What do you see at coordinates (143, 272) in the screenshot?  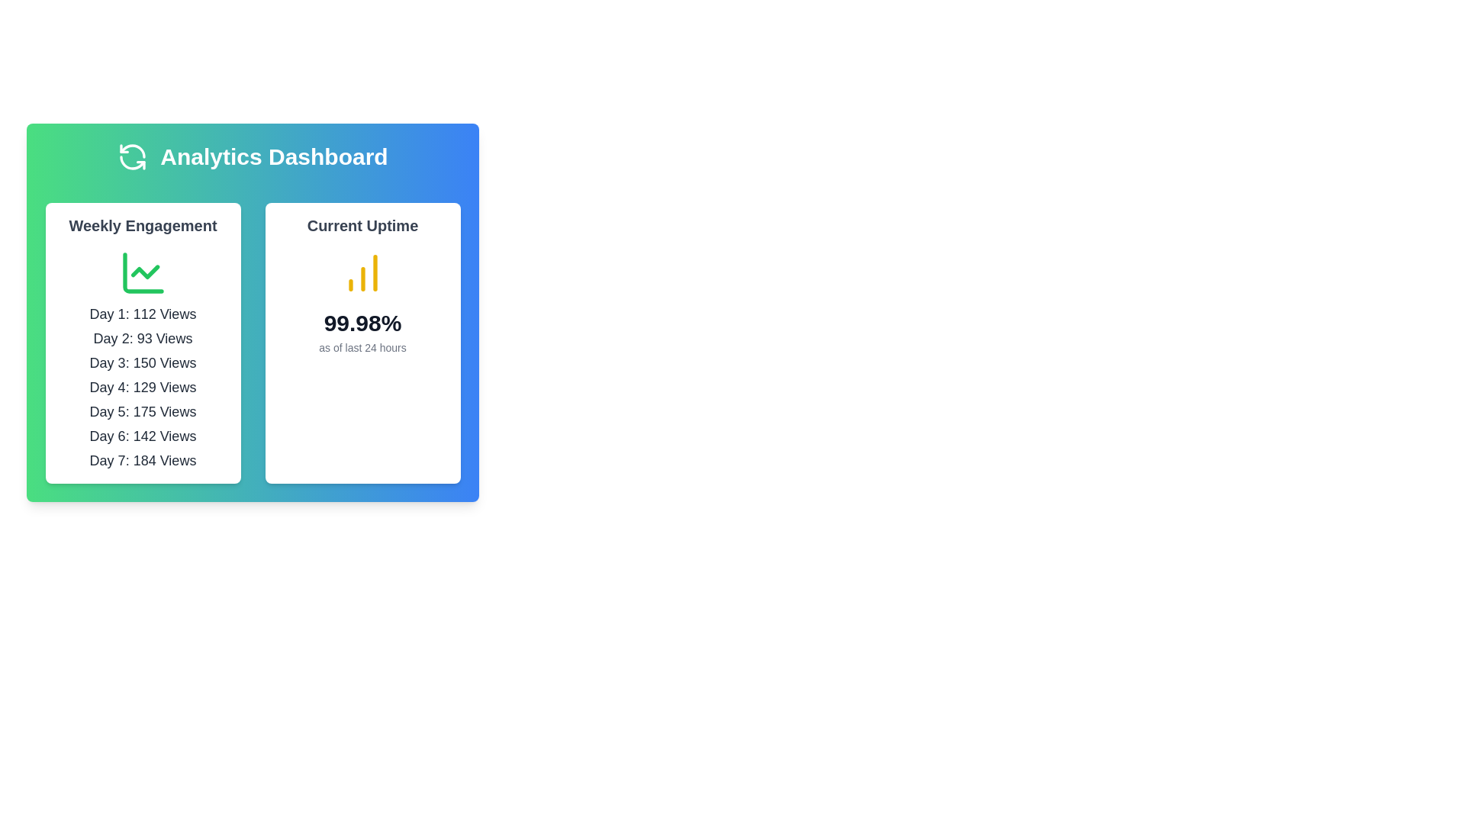 I see `the icon representing the weekly engagement statistics located in the Analytics Dashboard, positioned top-center within the 'Weekly Engagement' card, near the header text 'Weekly Engagement'` at bounding box center [143, 272].